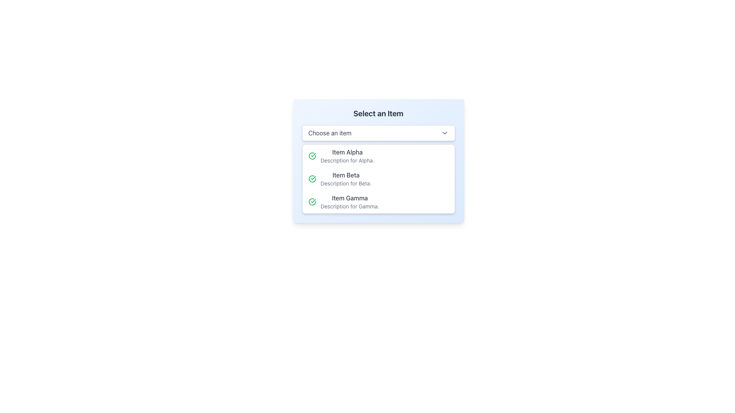 This screenshot has width=735, height=413. Describe the element at coordinates (312, 179) in the screenshot. I see `the visual indicator icon to mark 'Item Beta' as selected or validated, which is located on the left side of the 'Item Beta' text within the dropdown menu` at that location.